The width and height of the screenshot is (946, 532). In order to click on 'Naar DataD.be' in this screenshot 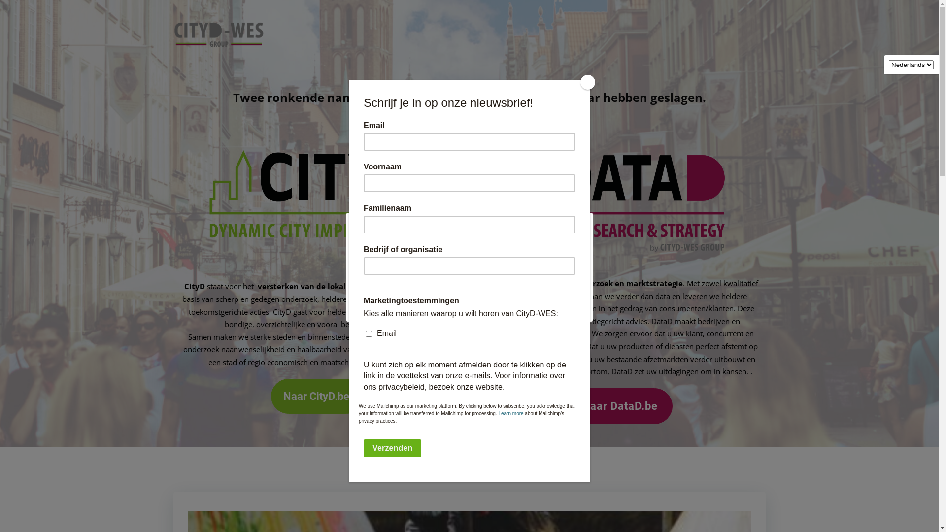, I will do `click(620, 406)`.